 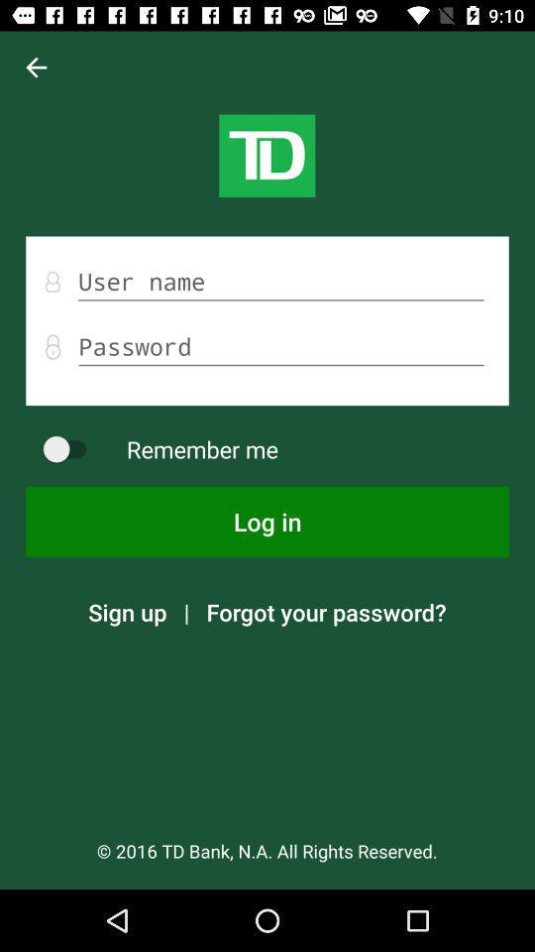 What do you see at coordinates (326, 611) in the screenshot?
I see `icon to the right of | icon` at bounding box center [326, 611].